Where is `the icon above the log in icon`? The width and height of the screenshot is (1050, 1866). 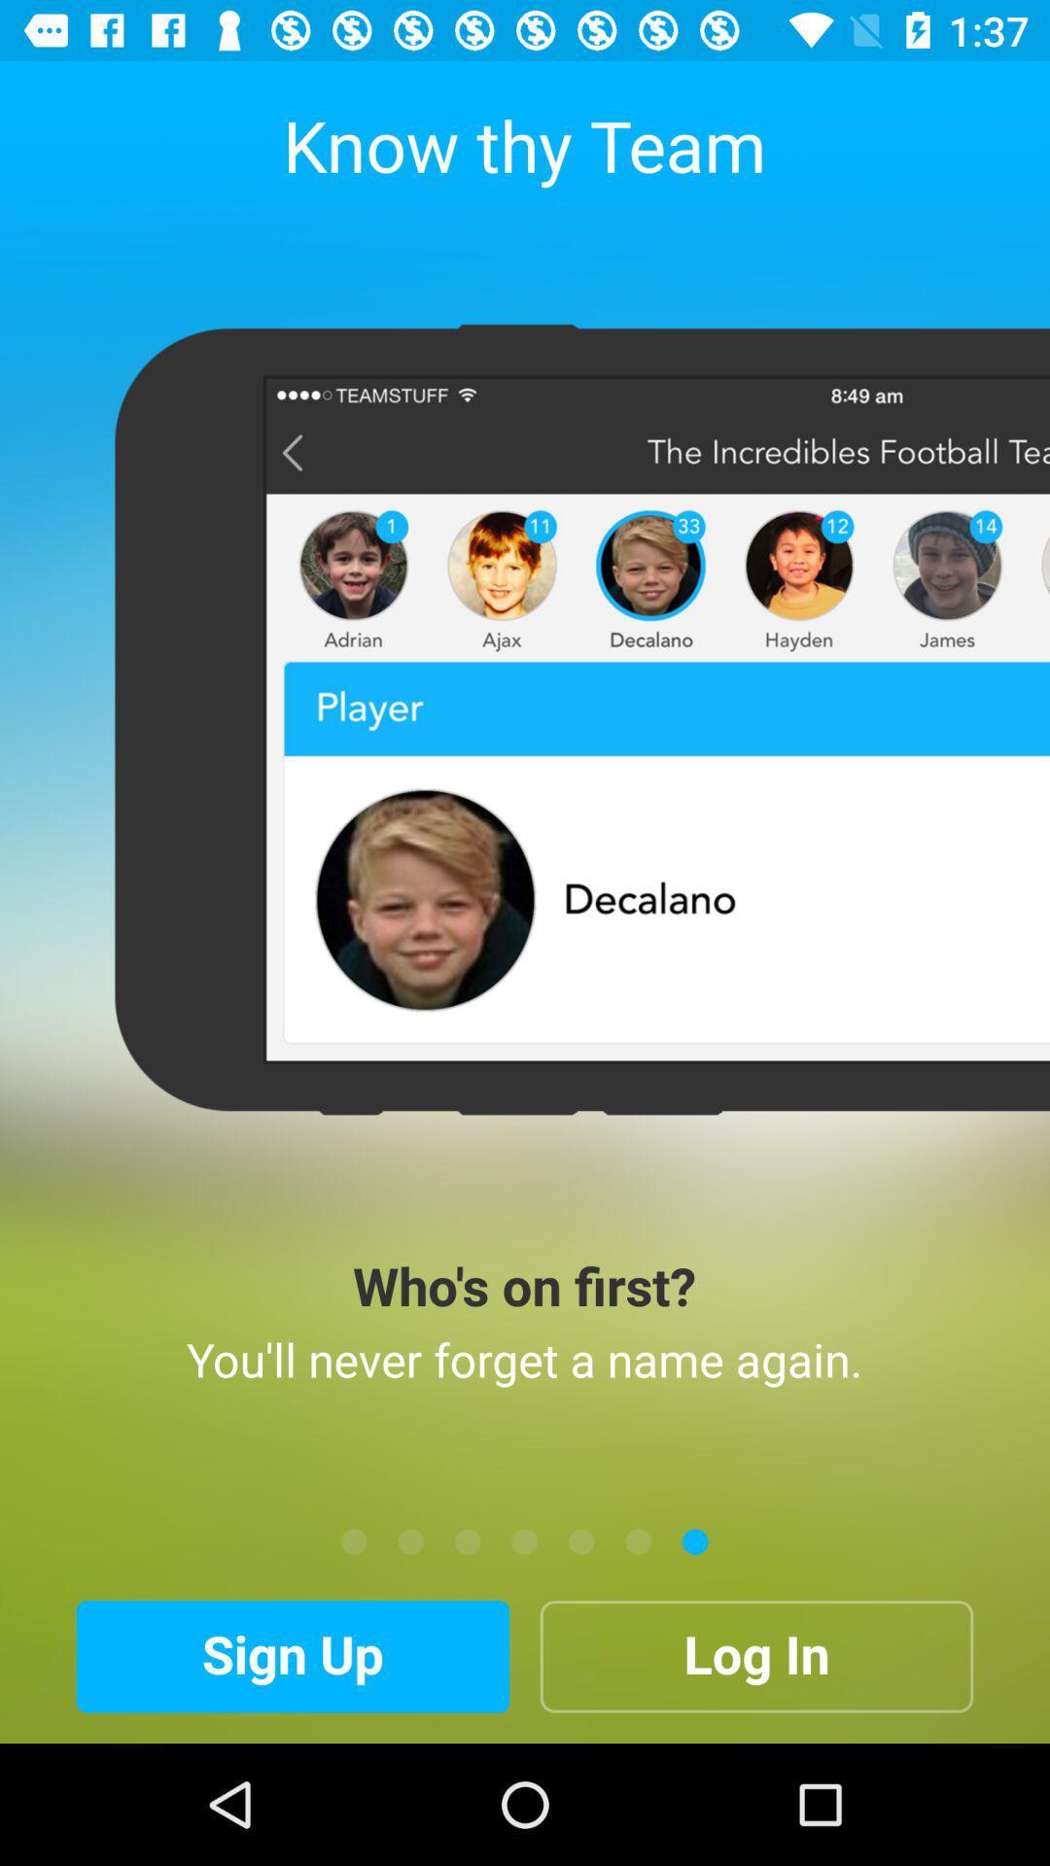
the icon above the log in icon is located at coordinates (638, 1540).